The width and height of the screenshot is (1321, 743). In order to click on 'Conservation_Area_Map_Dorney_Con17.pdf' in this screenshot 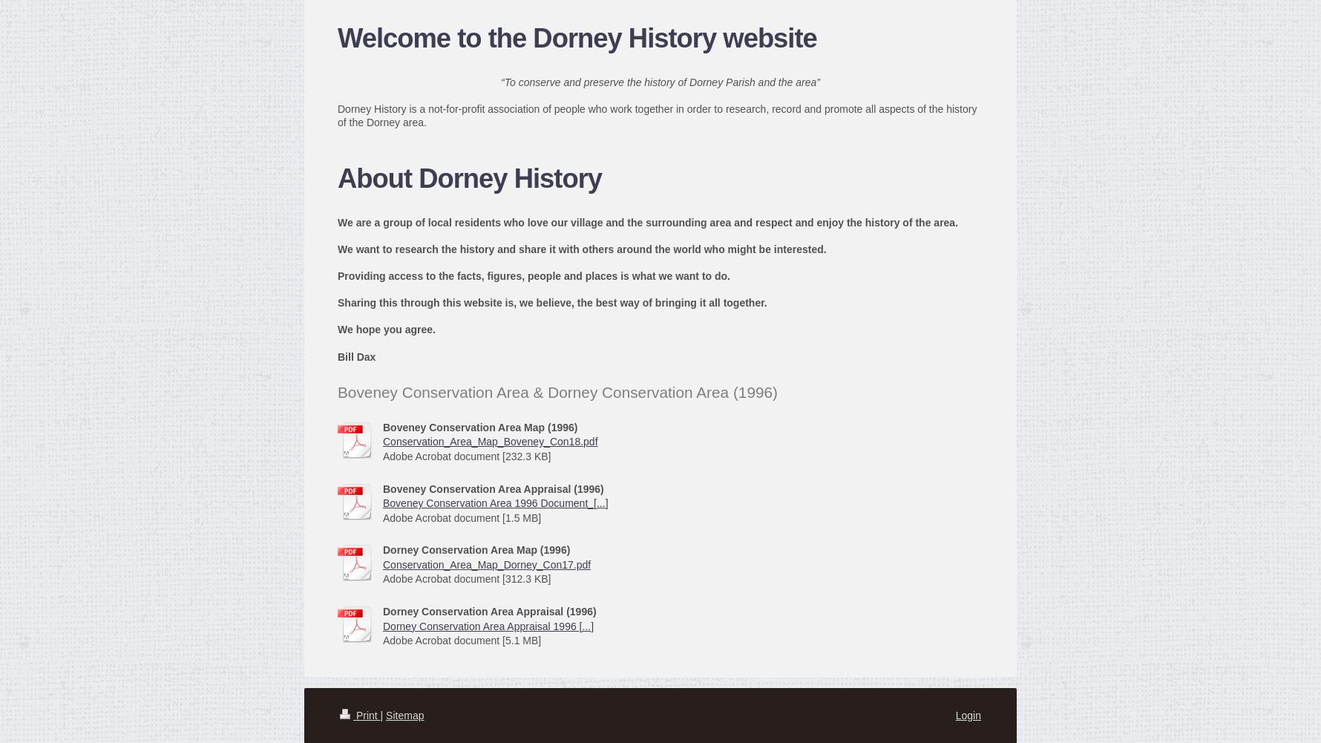, I will do `click(486, 563)`.